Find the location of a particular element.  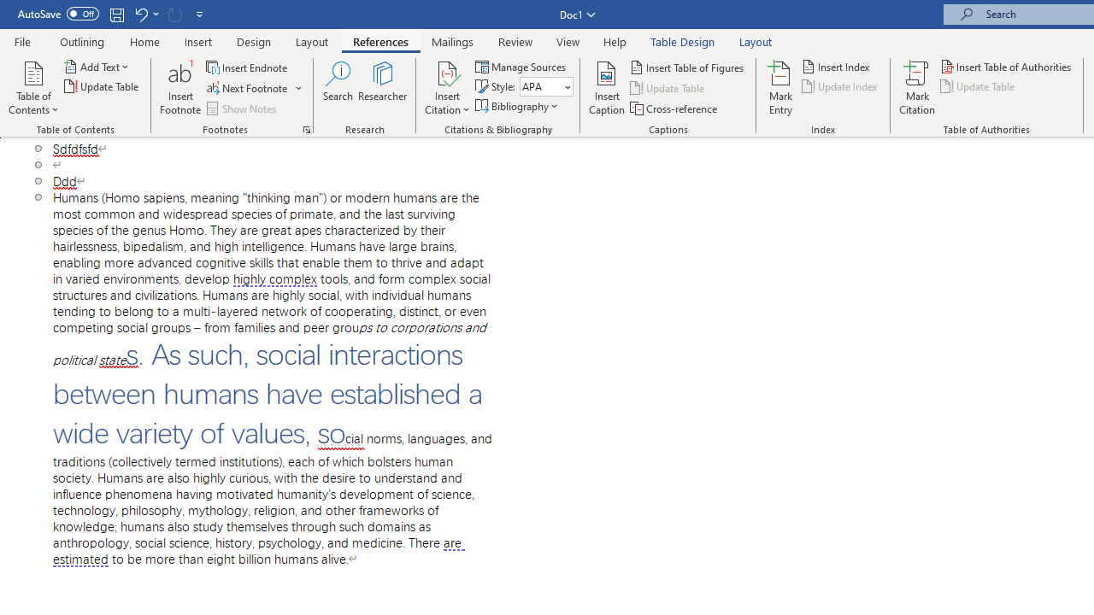

'Style' is located at coordinates (539, 86).